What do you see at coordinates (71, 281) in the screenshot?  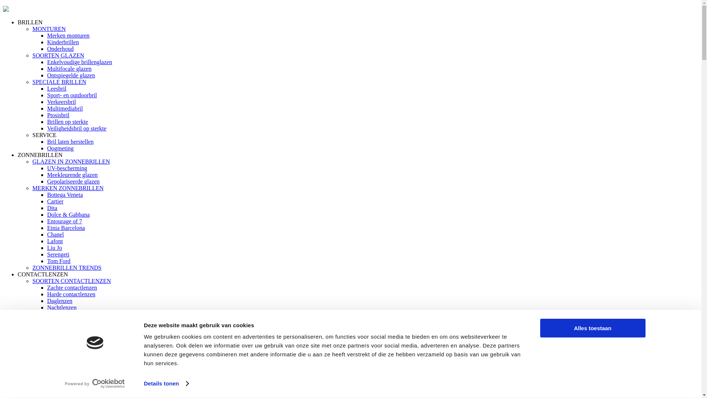 I see `'SOORTEN CONTACTLENZEN'` at bounding box center [71, 281].